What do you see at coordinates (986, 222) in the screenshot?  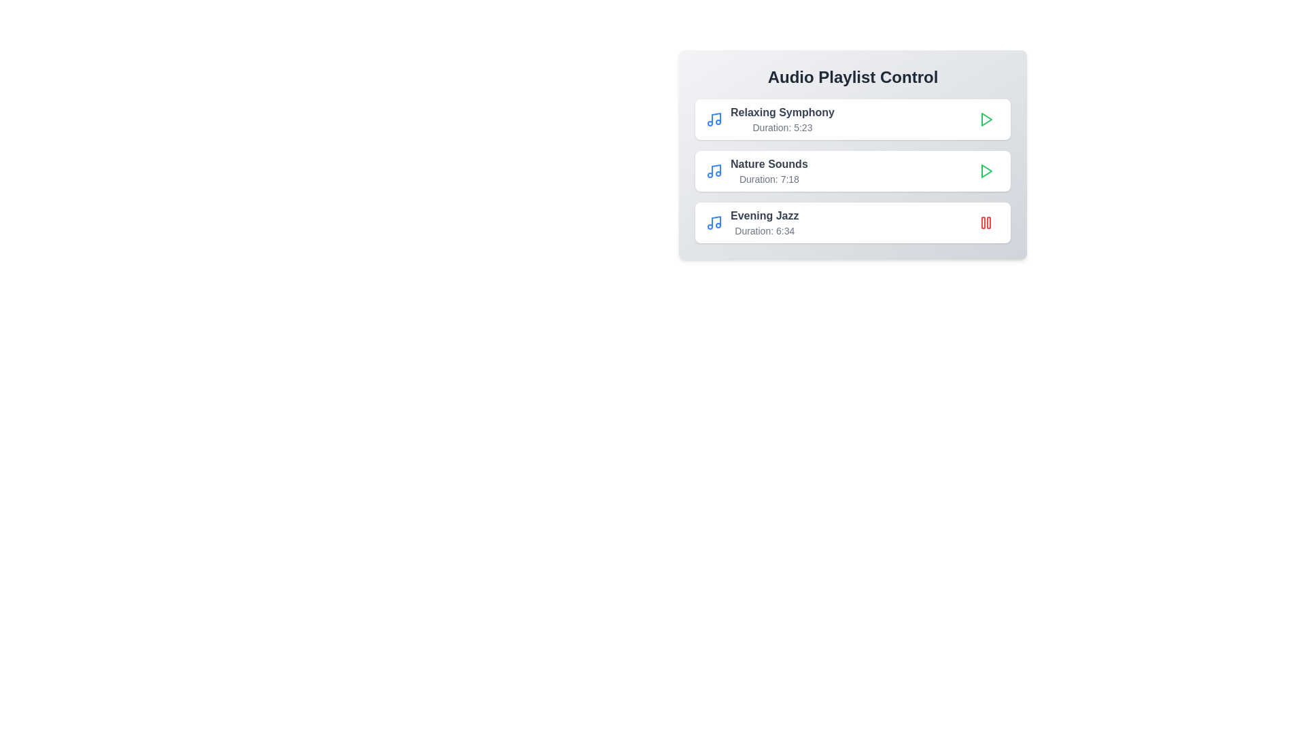 I see `the play/pause button for the track titled Evening Jazz` at bounding box center [986, 222].